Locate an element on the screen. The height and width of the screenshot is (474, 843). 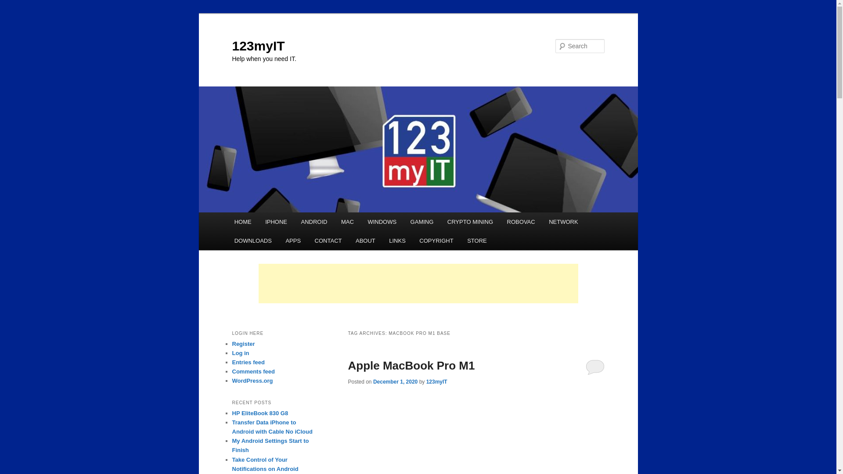
'Comments feed' is located at coordinates (252, 371).